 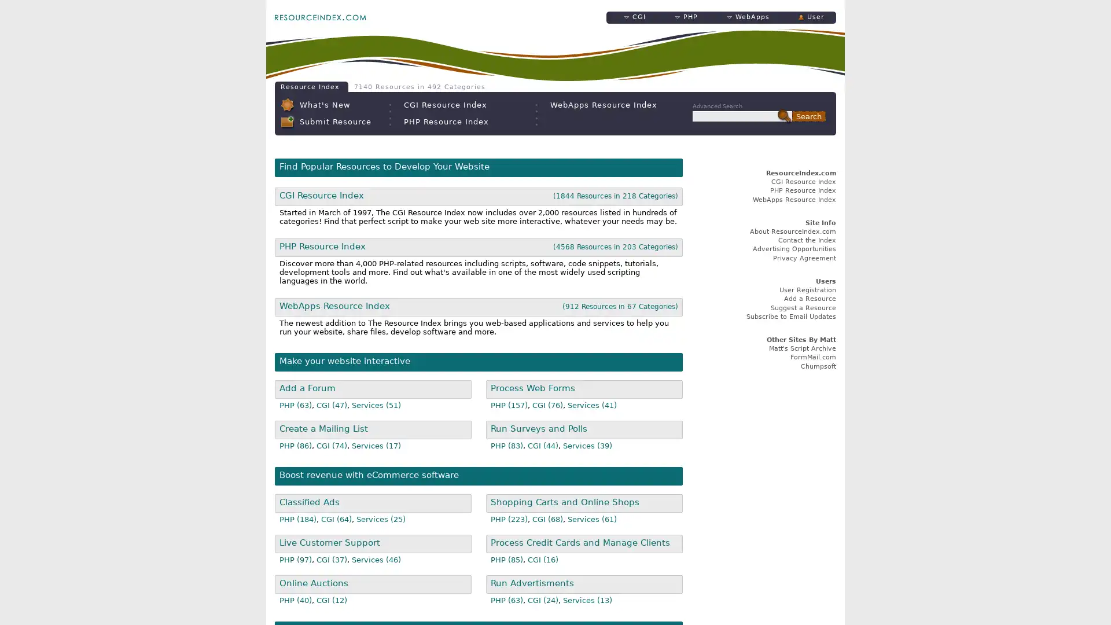 What do you see at coordinates (808, 116) in the screenshot?
I see `Search` at bounding box center [808, 116].